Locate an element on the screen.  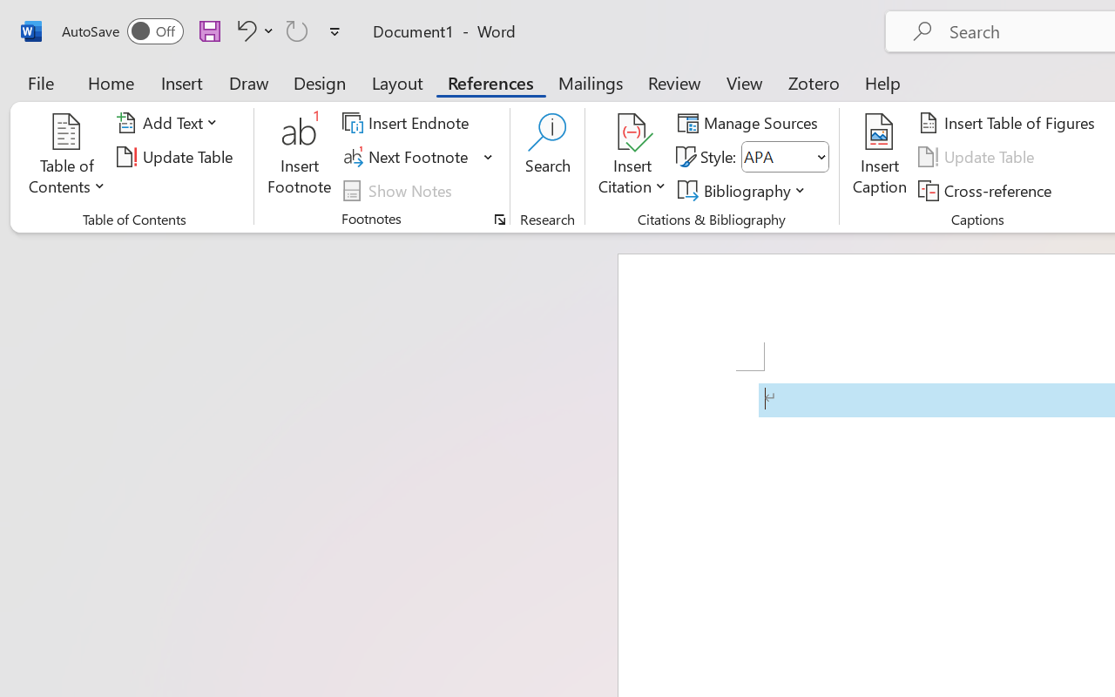
'Insert Table of Figures...' is located at coordinates (1010, 123).